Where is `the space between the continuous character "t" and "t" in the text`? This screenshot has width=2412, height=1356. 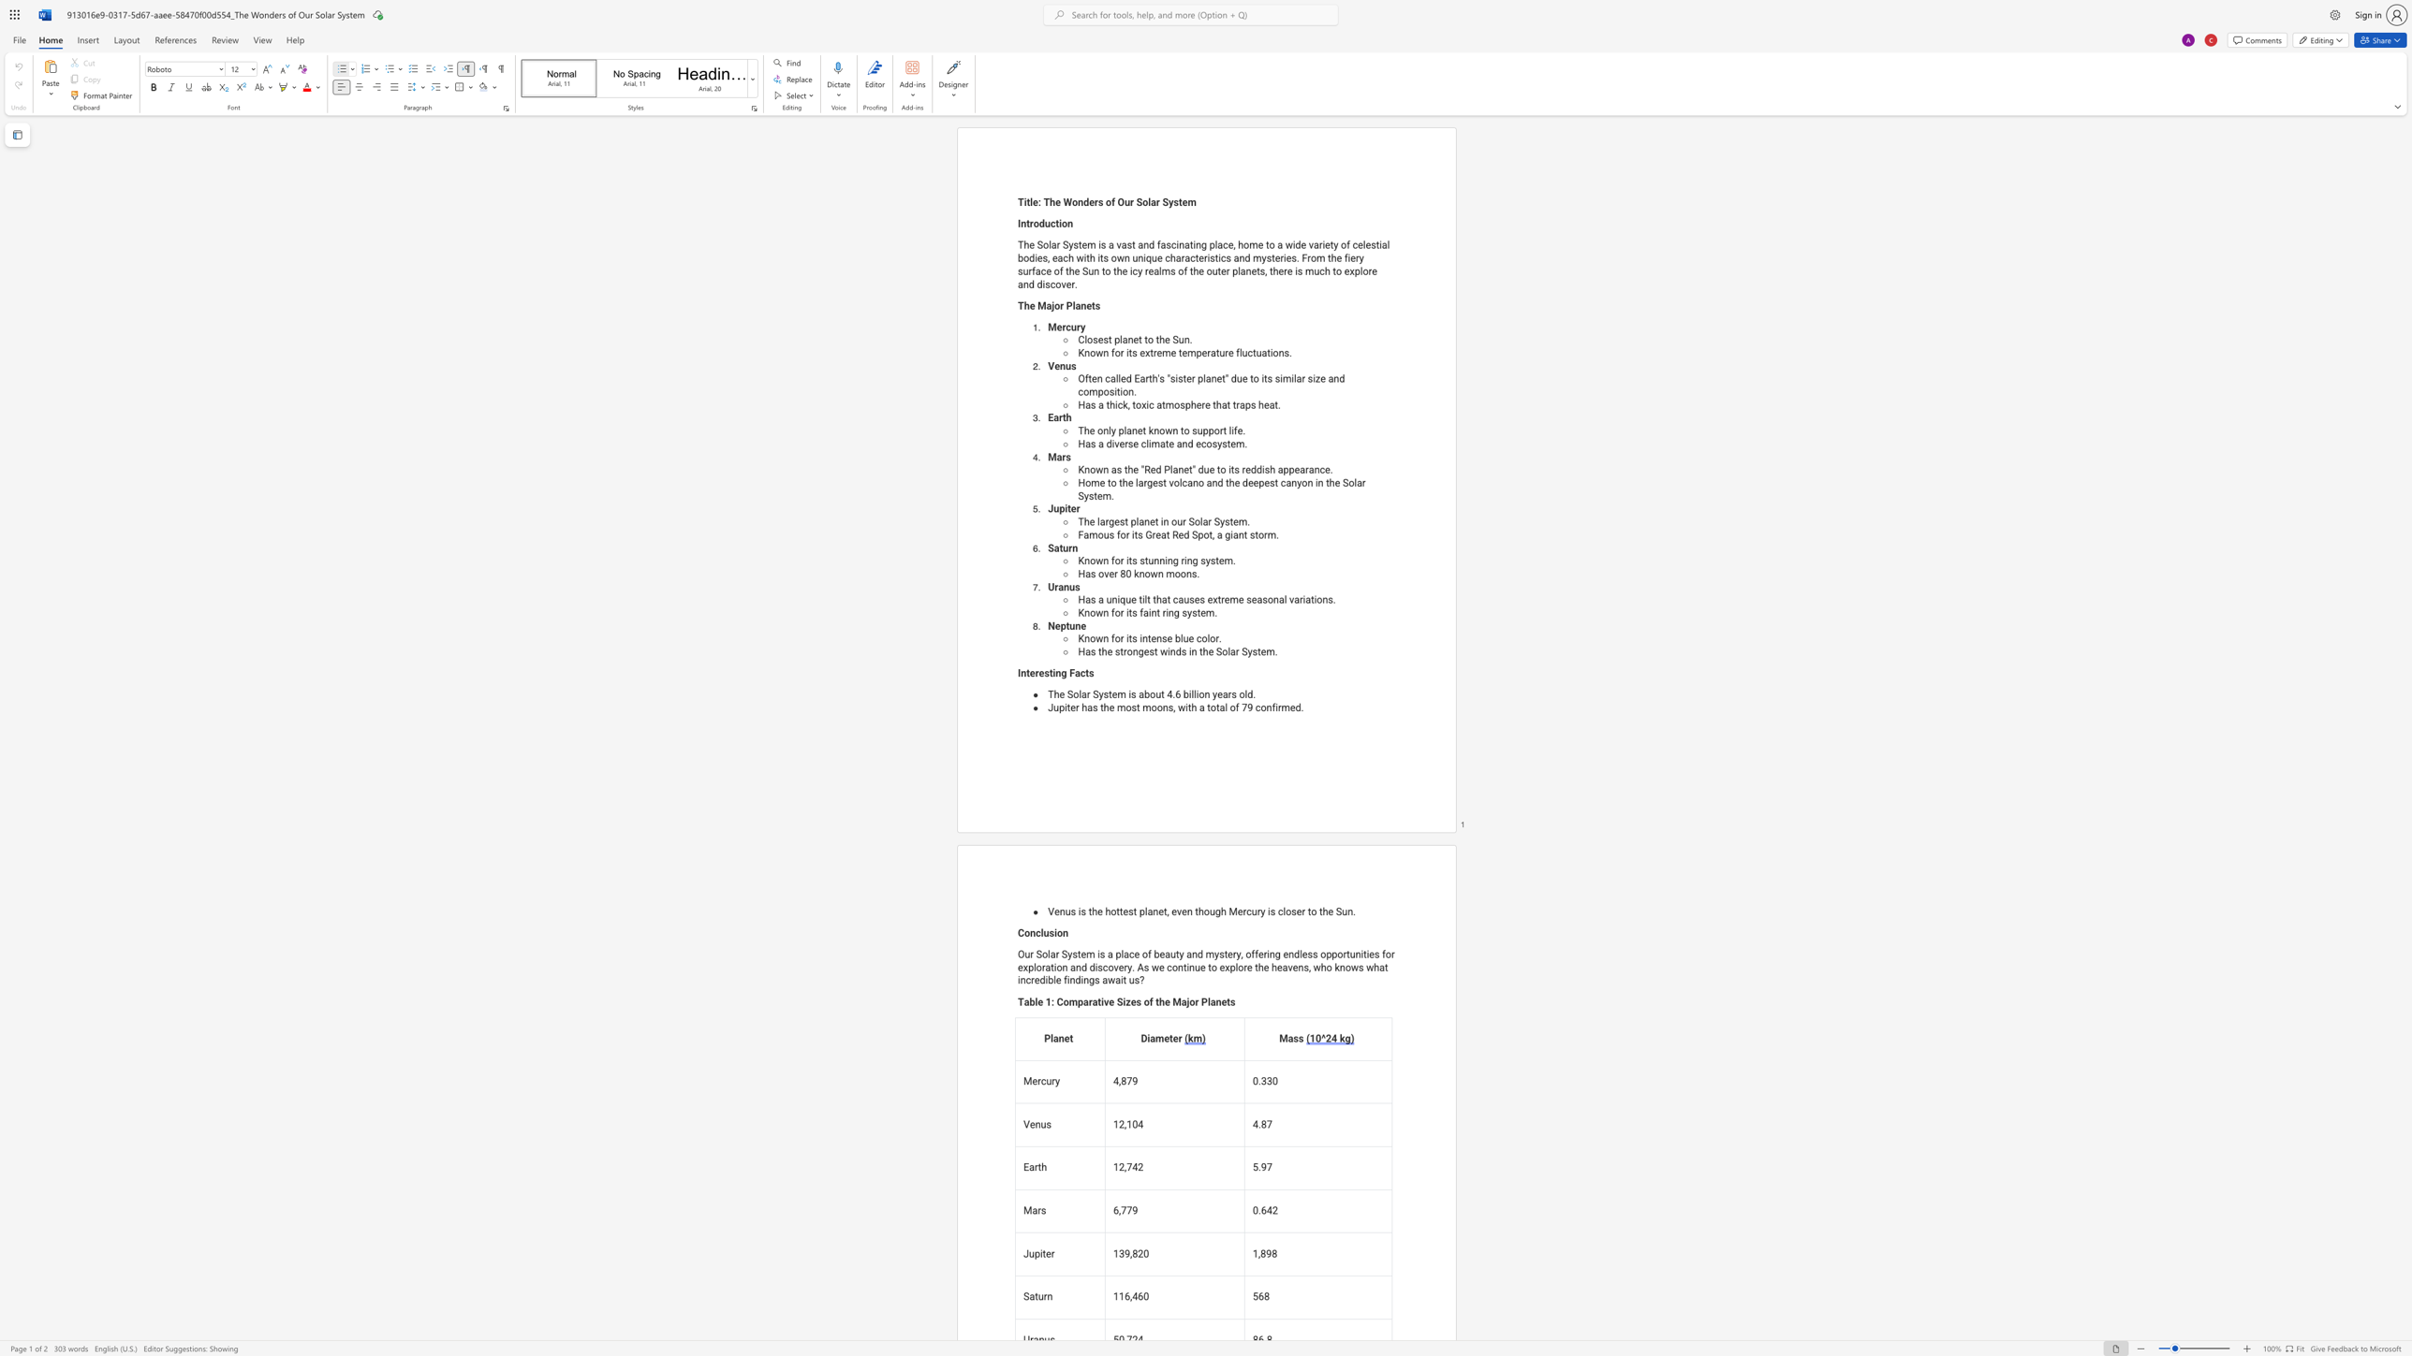
the space between the continuous character "t" and "t" in the text is located at coordinates (1119, 911).